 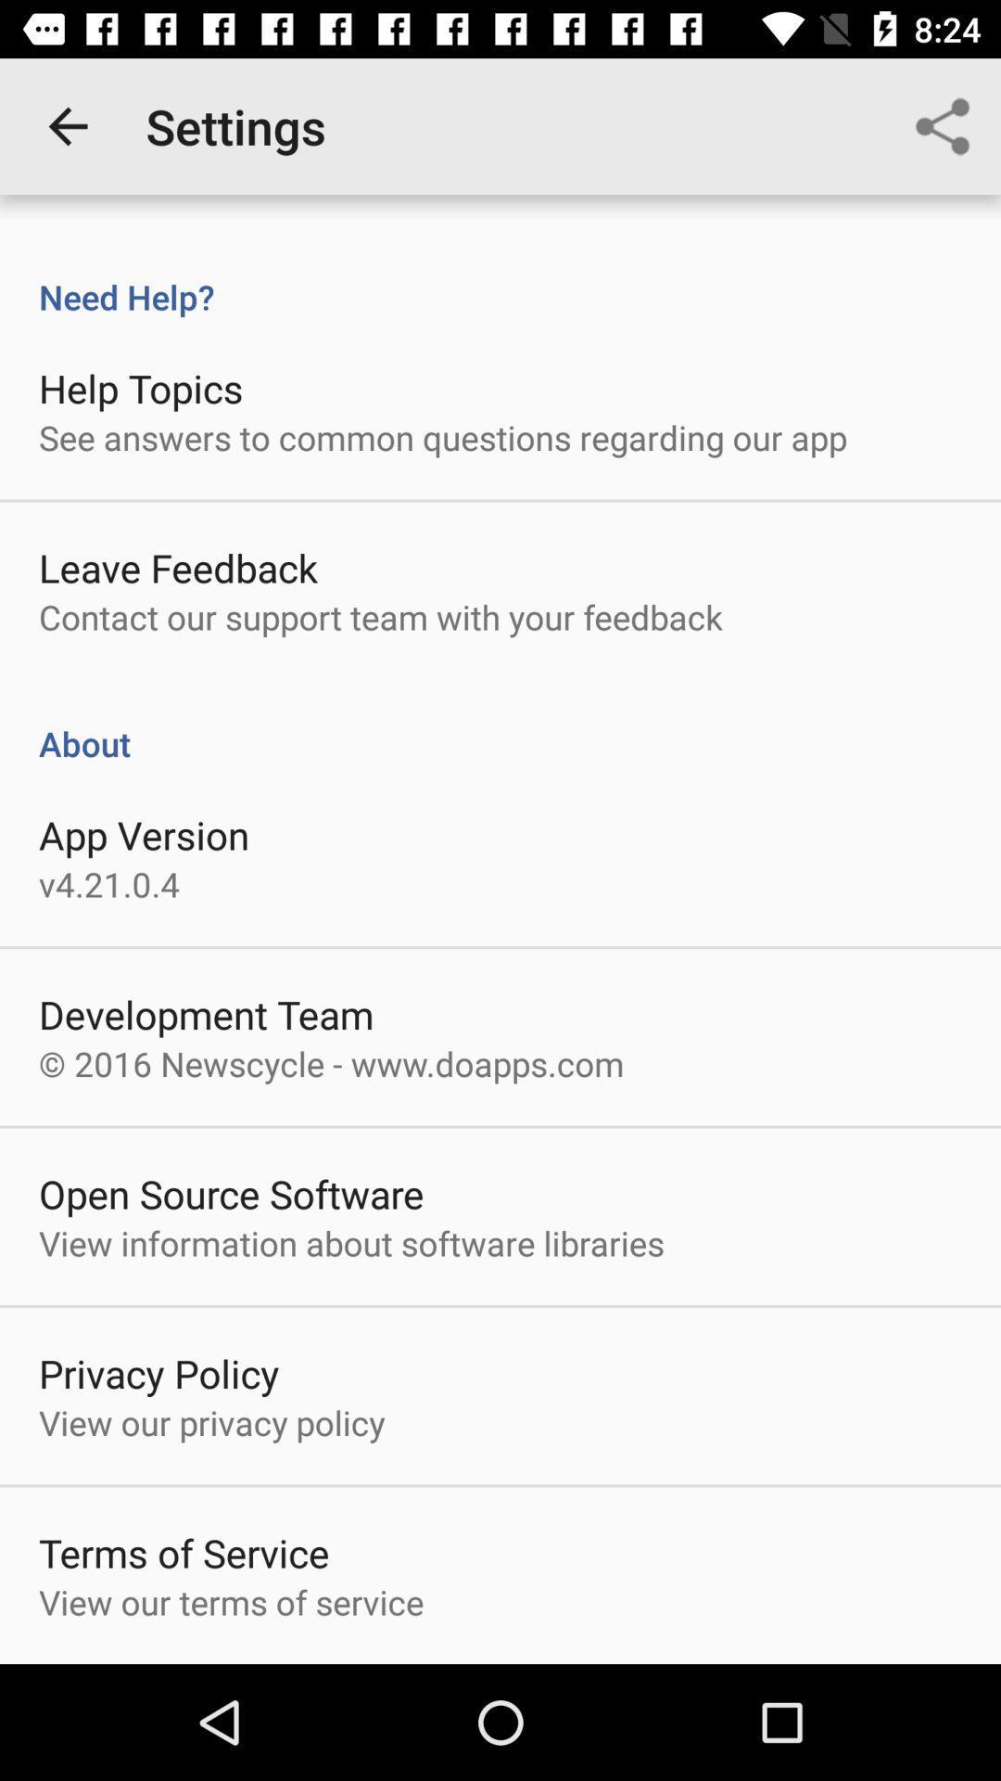 What do you see at coordinates (67, 125) in the screenshot?
I see `icon next to settings  icon` at bounding box center [67, 125].